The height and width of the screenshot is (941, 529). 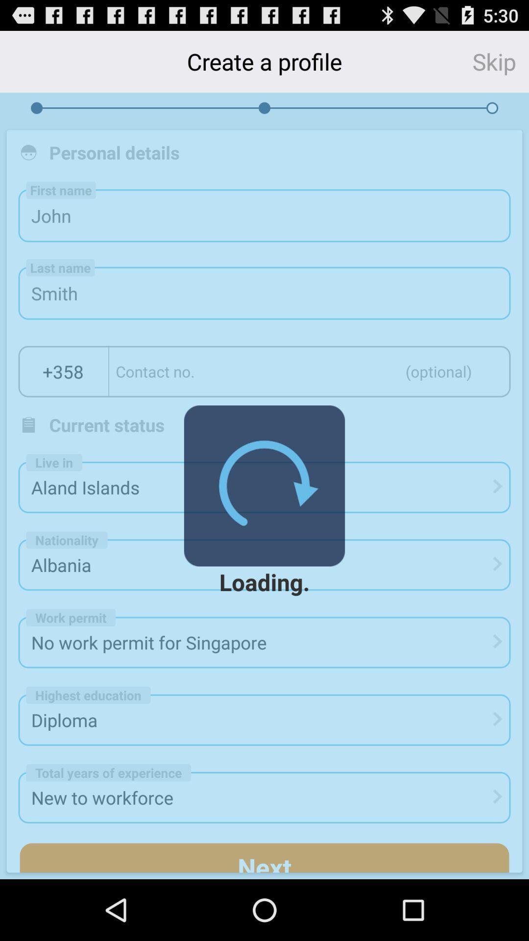 I want to click on contact number, so click(x=310, y=371).